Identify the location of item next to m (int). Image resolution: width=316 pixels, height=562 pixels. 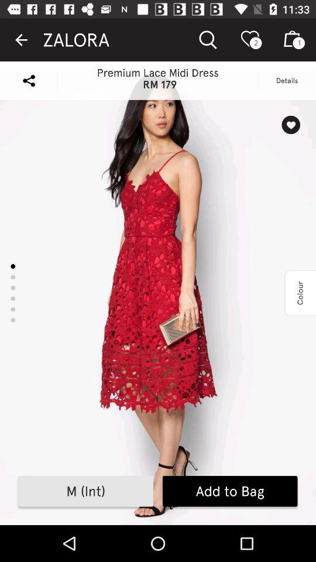
(230, 491).